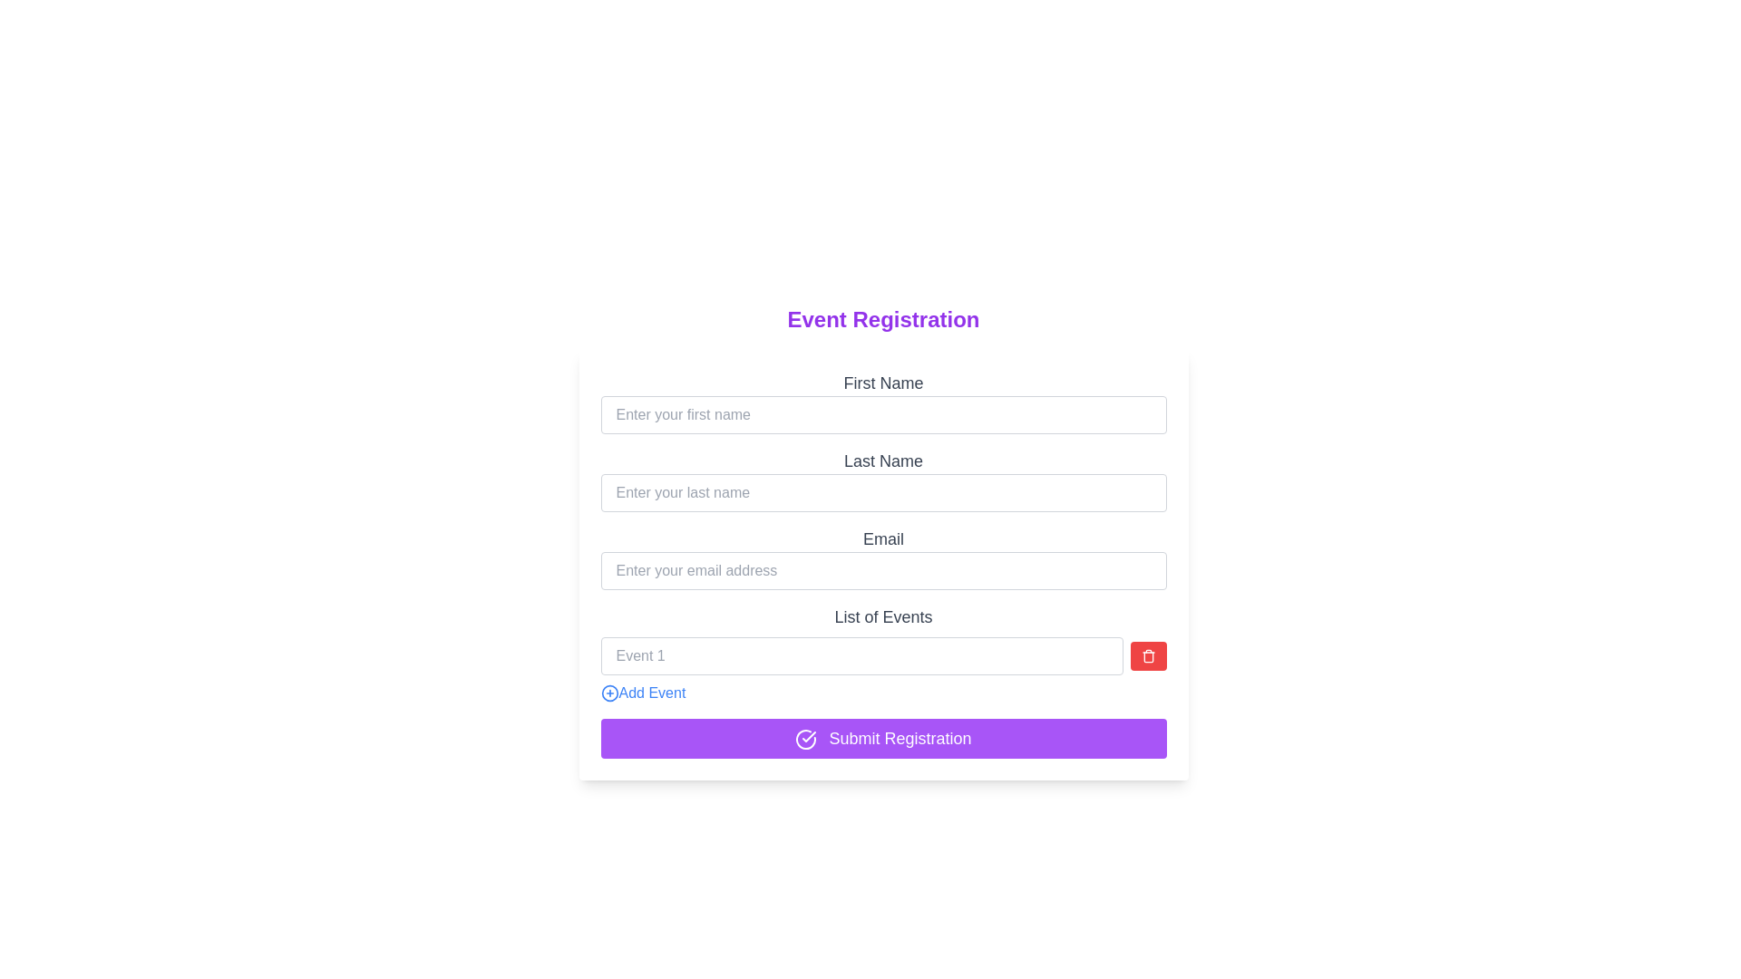 The image size is (1741, 979). I want to click on the label that indicates the input field for entering the user's last name, which is positioned directly above the corresponding input field, so click(883, 460).